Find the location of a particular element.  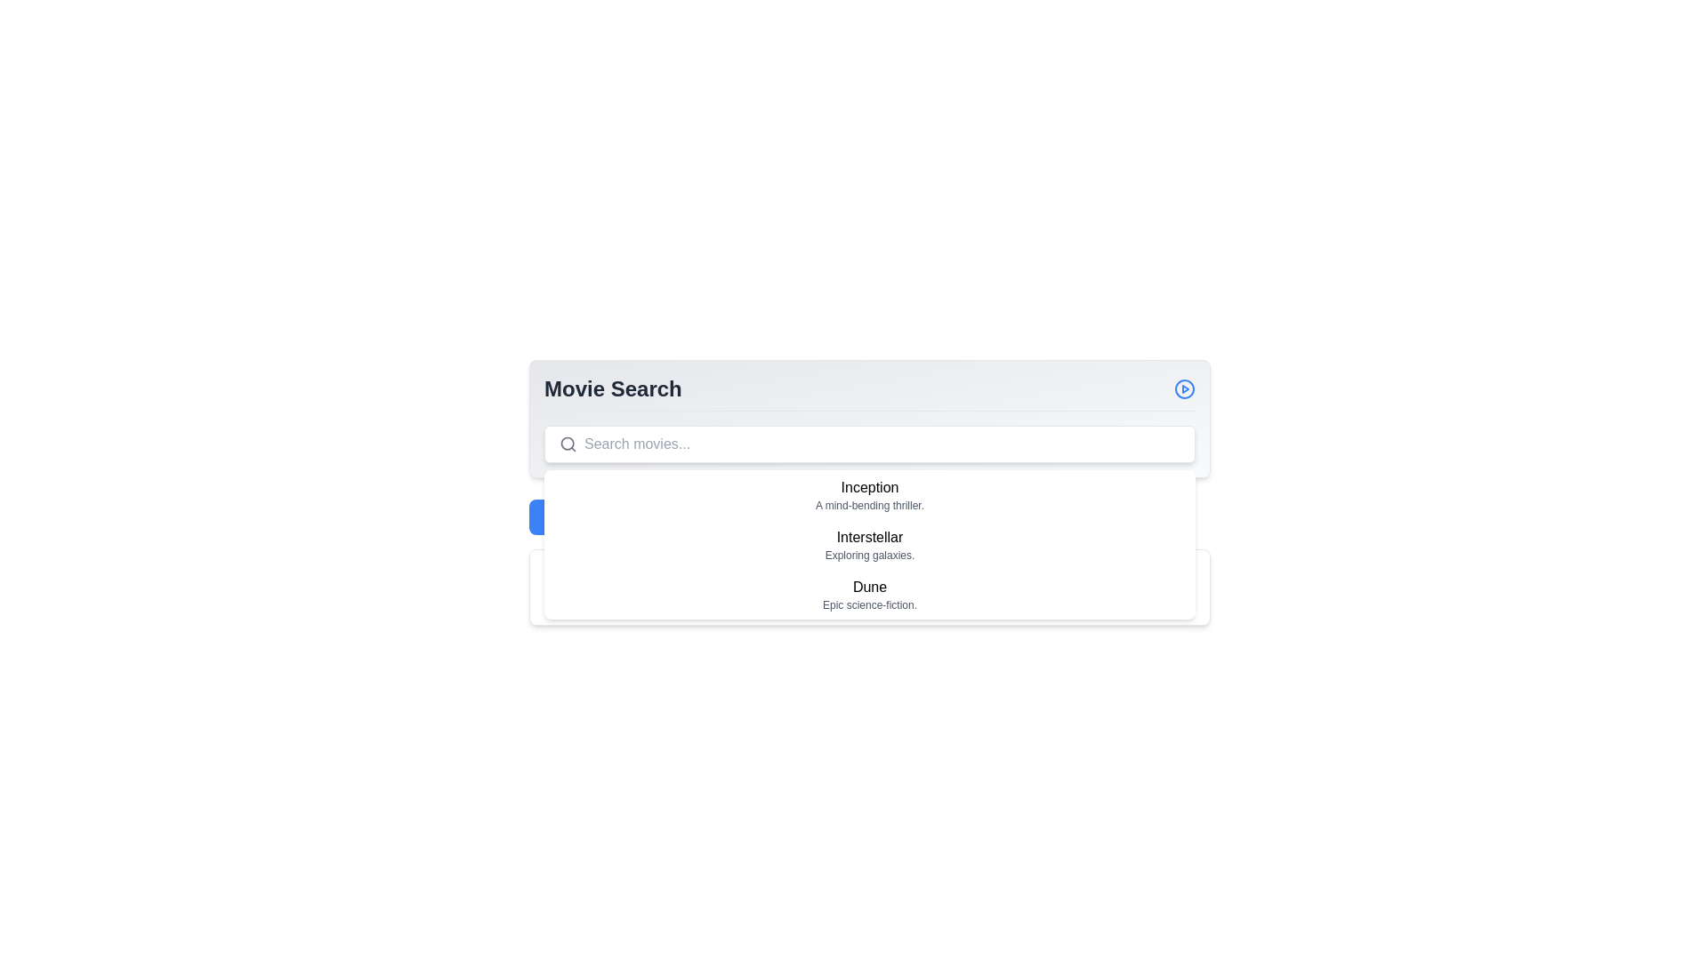

the static text displaying 'A mind-bending thriller.' which is located below the title 'Inception' in the movie list is located at coordinates (870, 506).